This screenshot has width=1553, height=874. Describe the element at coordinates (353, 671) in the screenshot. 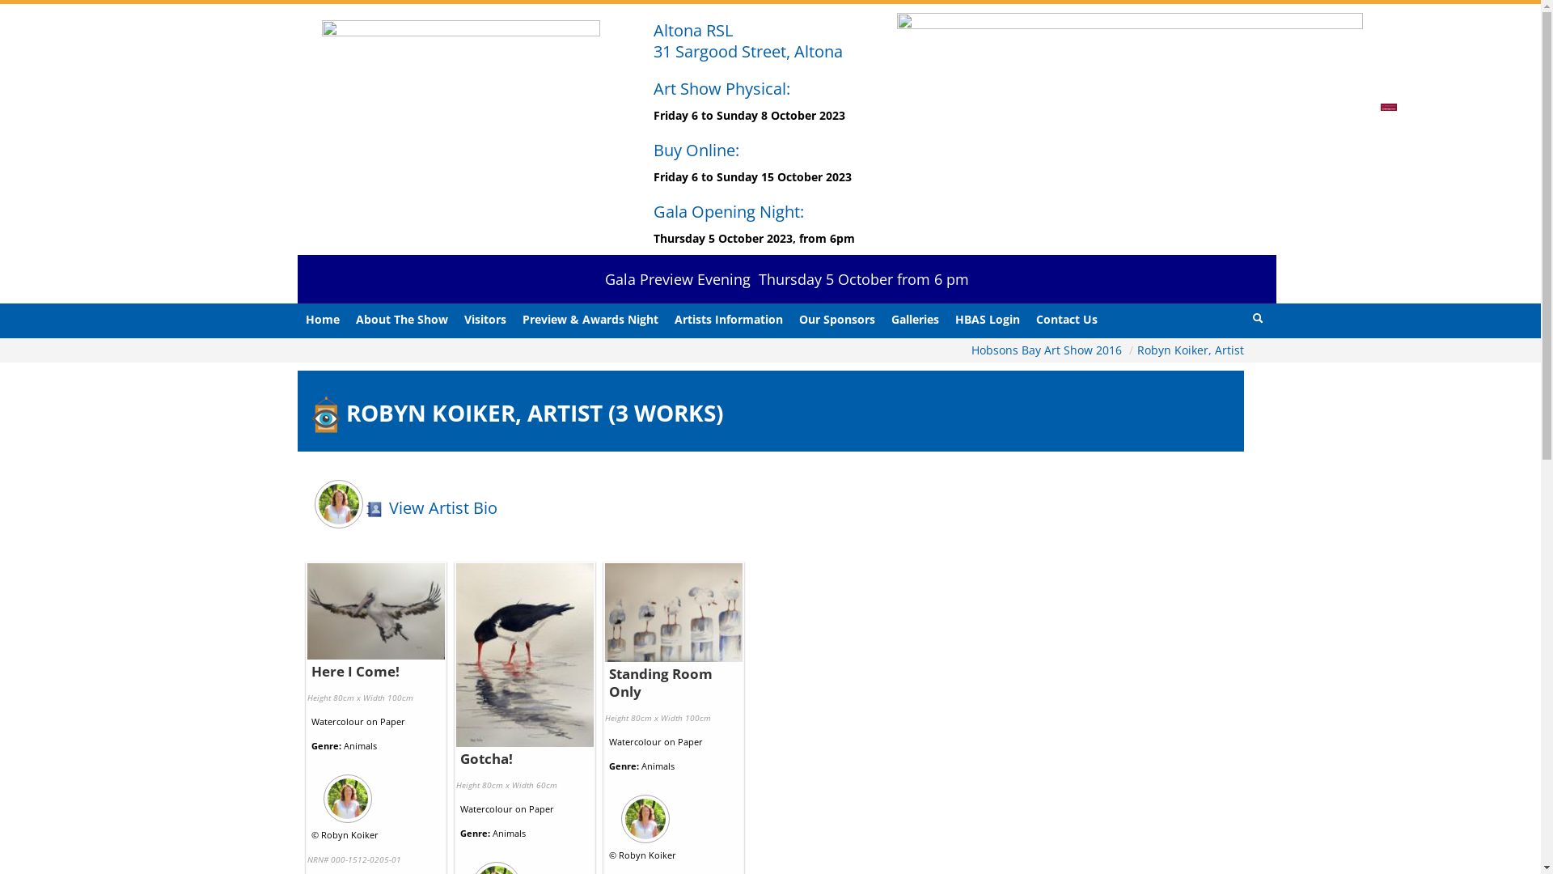

I see `'Here I Come!'` at that location.